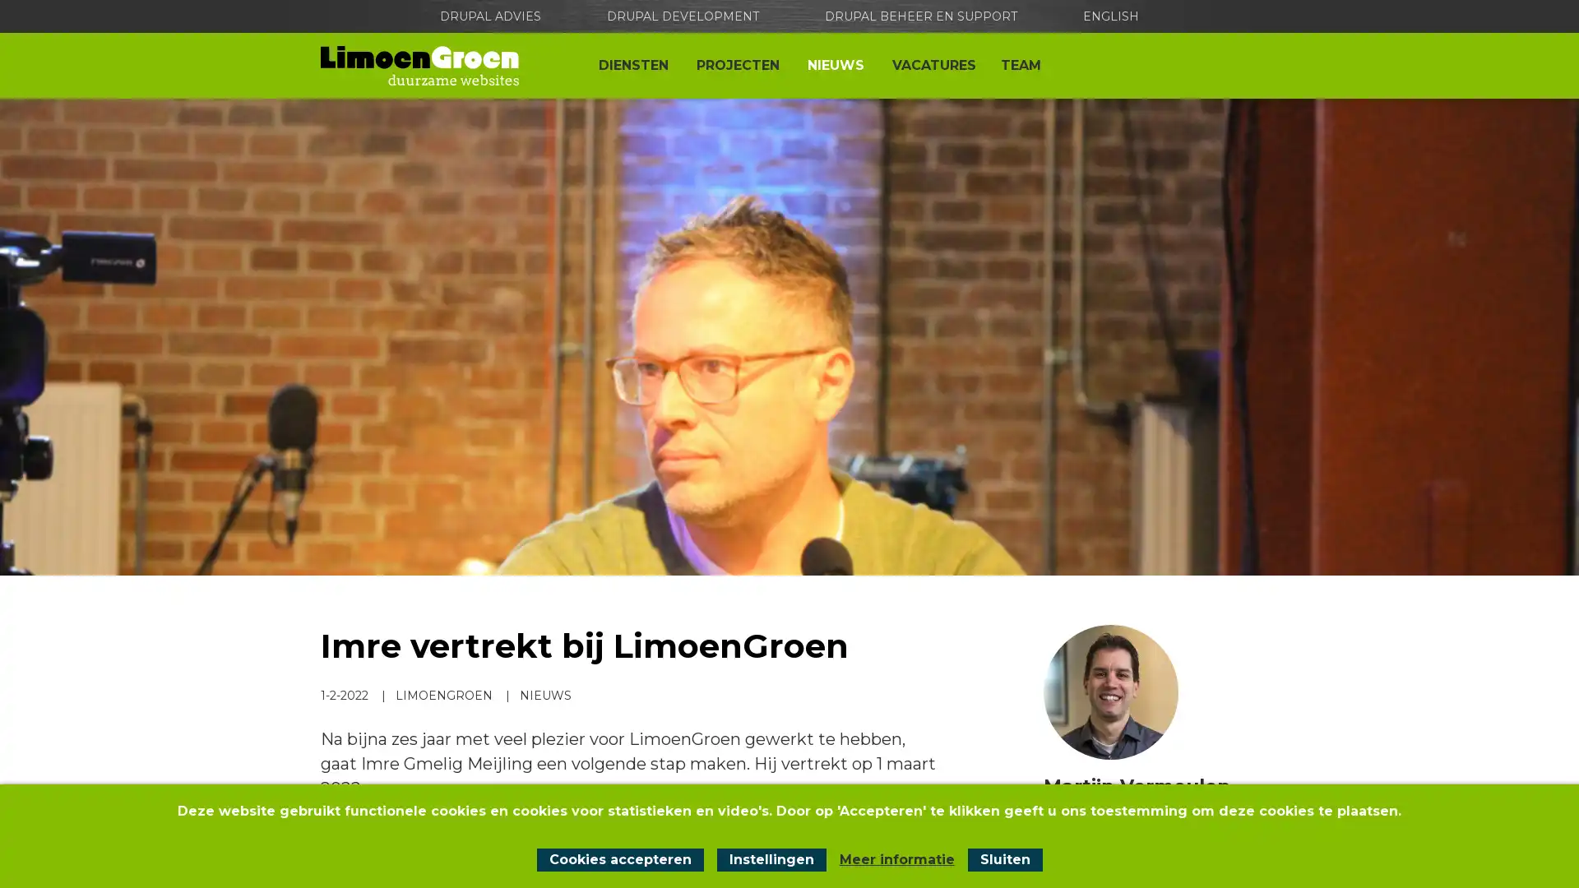  I want to click on Sluit cookiemelding, so click(1003, 858).